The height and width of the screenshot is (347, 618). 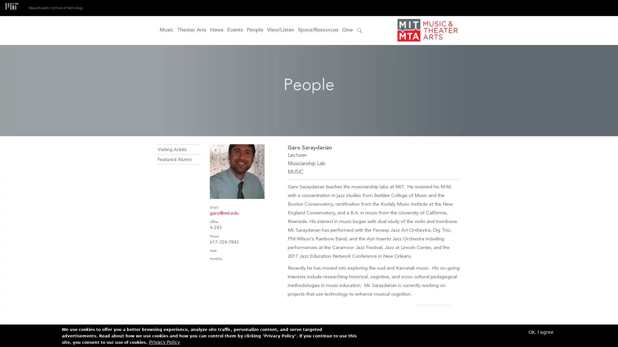 What do you see at coordinates (164, 342) in the screenshot?
I see `Privacy Policy` at bounding box center [164, 342].